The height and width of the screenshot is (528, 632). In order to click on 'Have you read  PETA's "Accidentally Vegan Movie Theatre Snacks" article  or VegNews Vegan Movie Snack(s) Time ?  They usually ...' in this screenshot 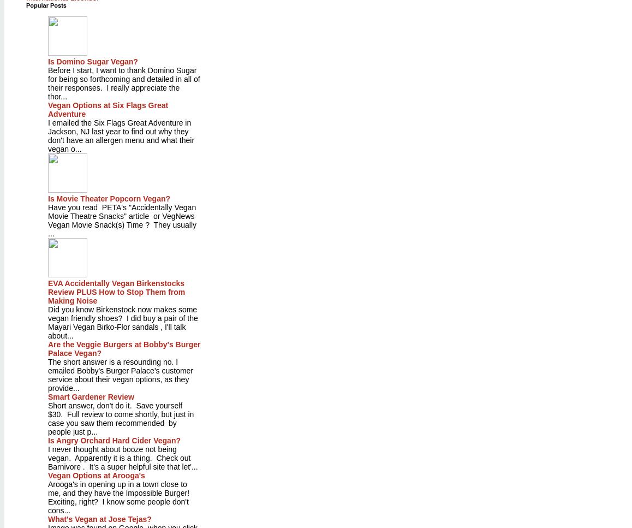, I will do `click(122, 220)`.